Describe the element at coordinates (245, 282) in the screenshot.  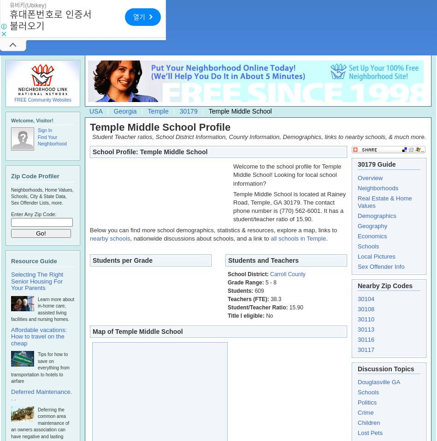
I see `'Grade Range:'` at that location.